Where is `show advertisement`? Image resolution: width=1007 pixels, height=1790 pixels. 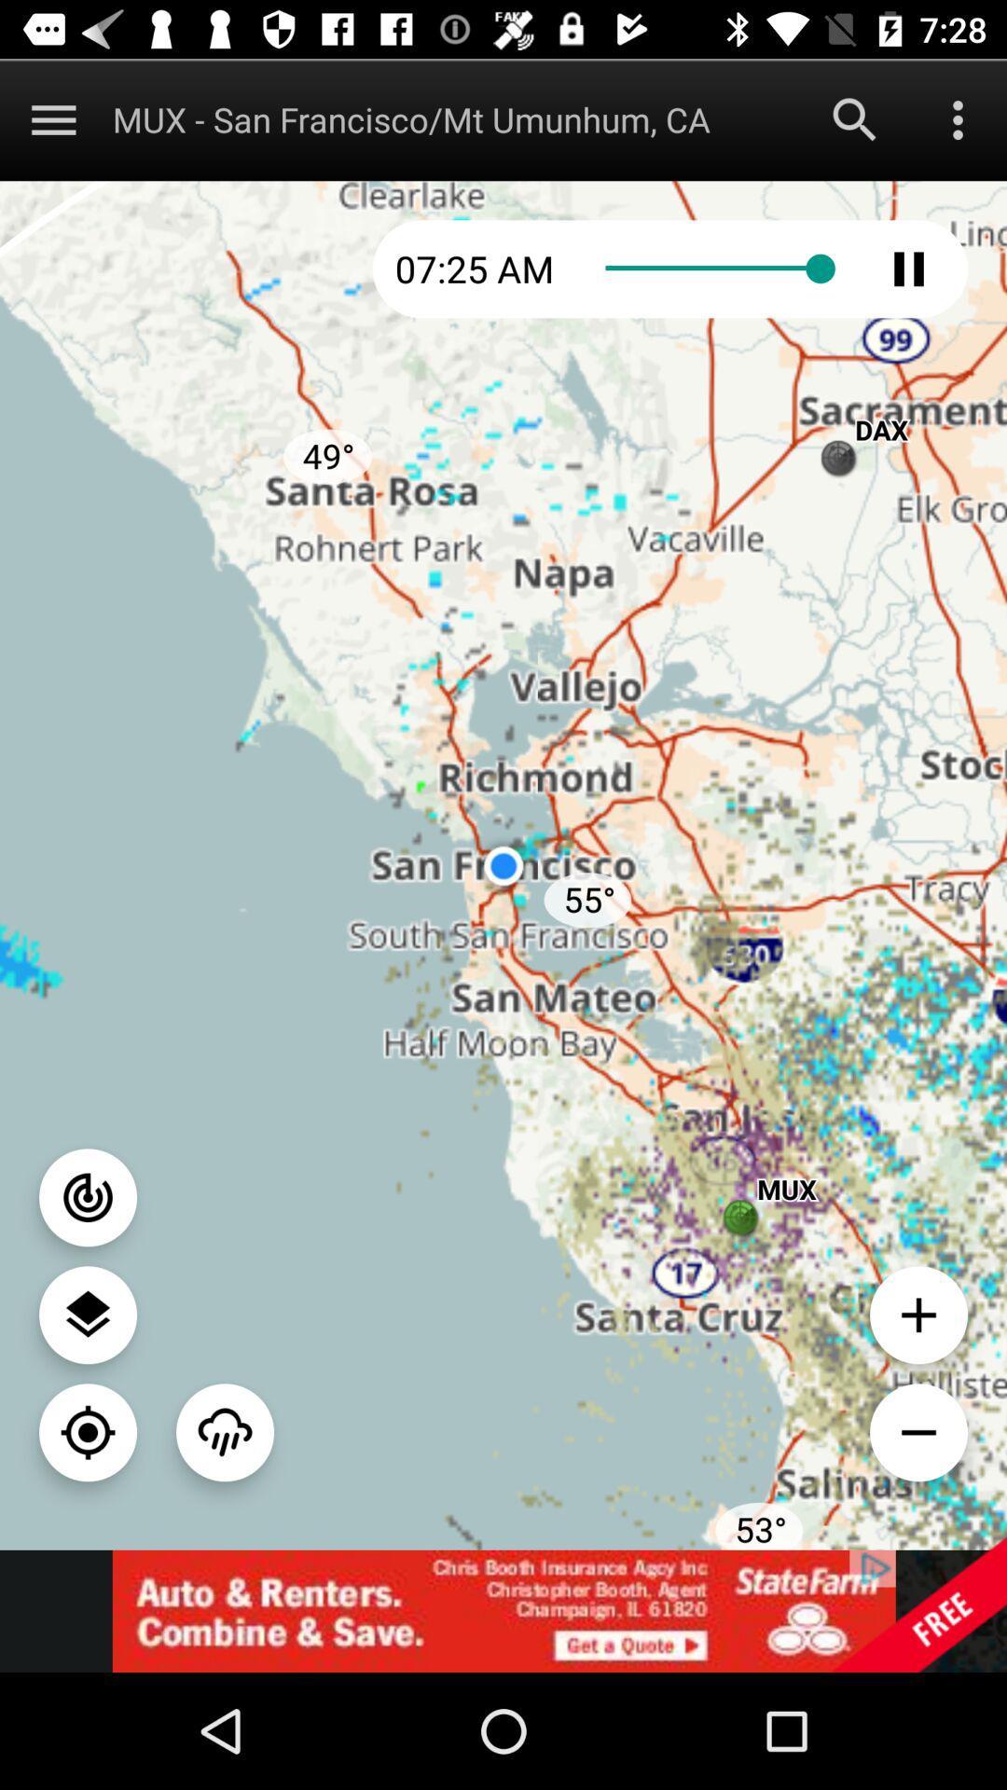
show advertisement is located at coordinates (504, 1610).